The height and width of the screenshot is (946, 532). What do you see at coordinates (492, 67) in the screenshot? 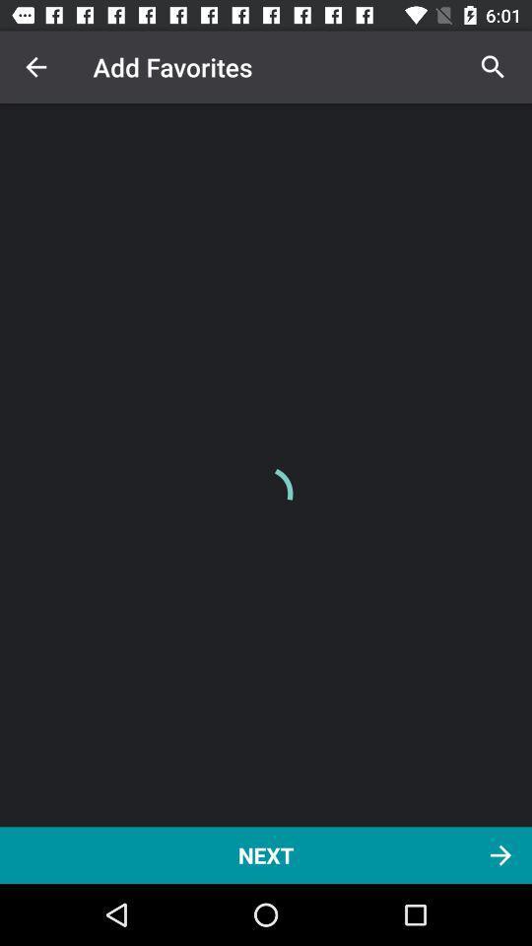
I see `icon at the top right corner` at bounding box center [492, 67].